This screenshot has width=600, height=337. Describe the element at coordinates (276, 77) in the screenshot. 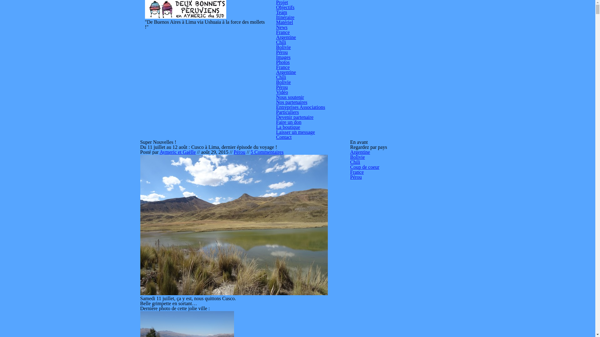

I see `'Chili'` at that location.